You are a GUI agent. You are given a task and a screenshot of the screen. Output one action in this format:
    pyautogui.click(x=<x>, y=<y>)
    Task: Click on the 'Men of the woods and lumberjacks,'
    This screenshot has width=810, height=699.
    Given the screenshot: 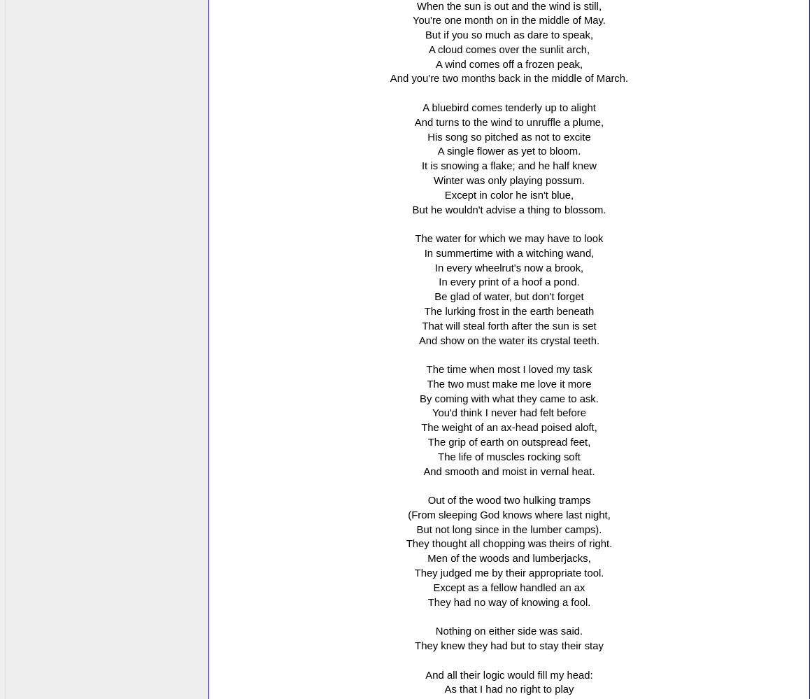 What is the action you would take?
    pyautogui.click(x=426, y=558)
    